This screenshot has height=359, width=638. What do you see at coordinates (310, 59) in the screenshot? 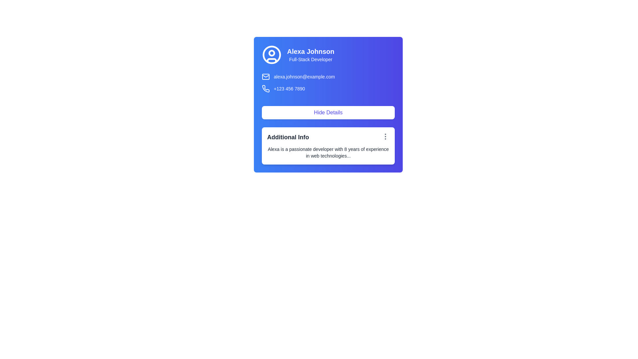
I see `the text label displaying 'Full-Stack Developer' located below the name 'Alexa Johnson' in the profile card` at bounding box center [310, 59].